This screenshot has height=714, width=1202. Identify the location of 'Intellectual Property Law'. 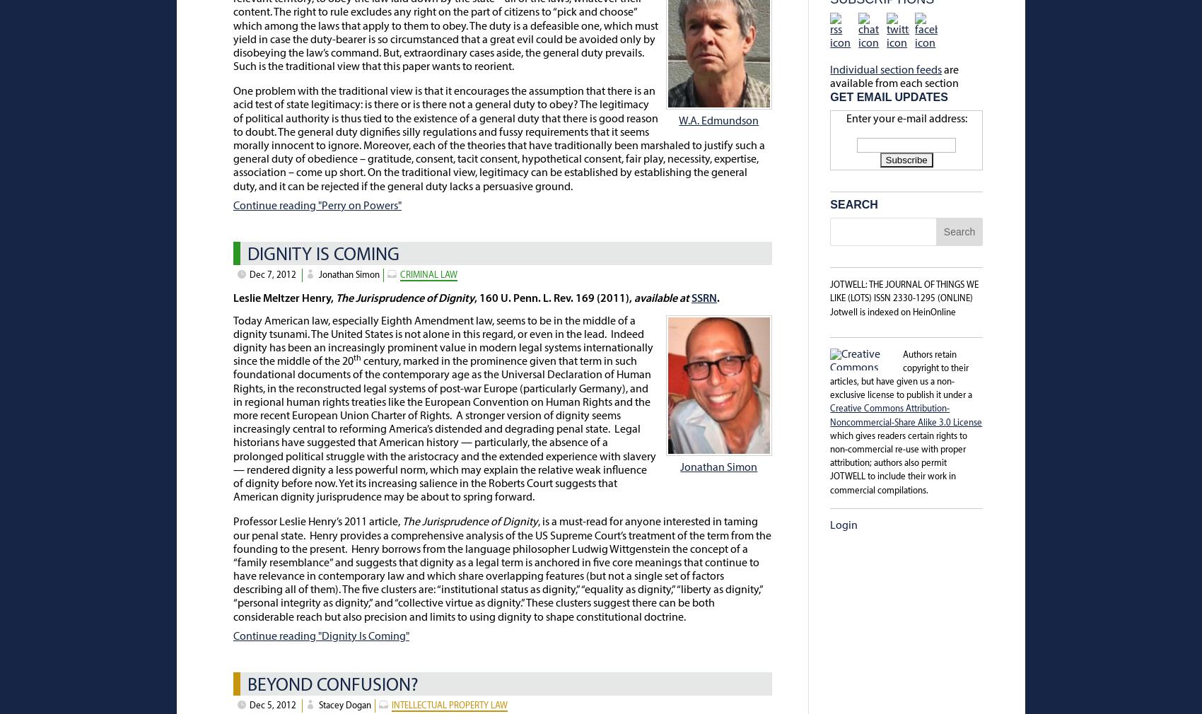
(448, 705).